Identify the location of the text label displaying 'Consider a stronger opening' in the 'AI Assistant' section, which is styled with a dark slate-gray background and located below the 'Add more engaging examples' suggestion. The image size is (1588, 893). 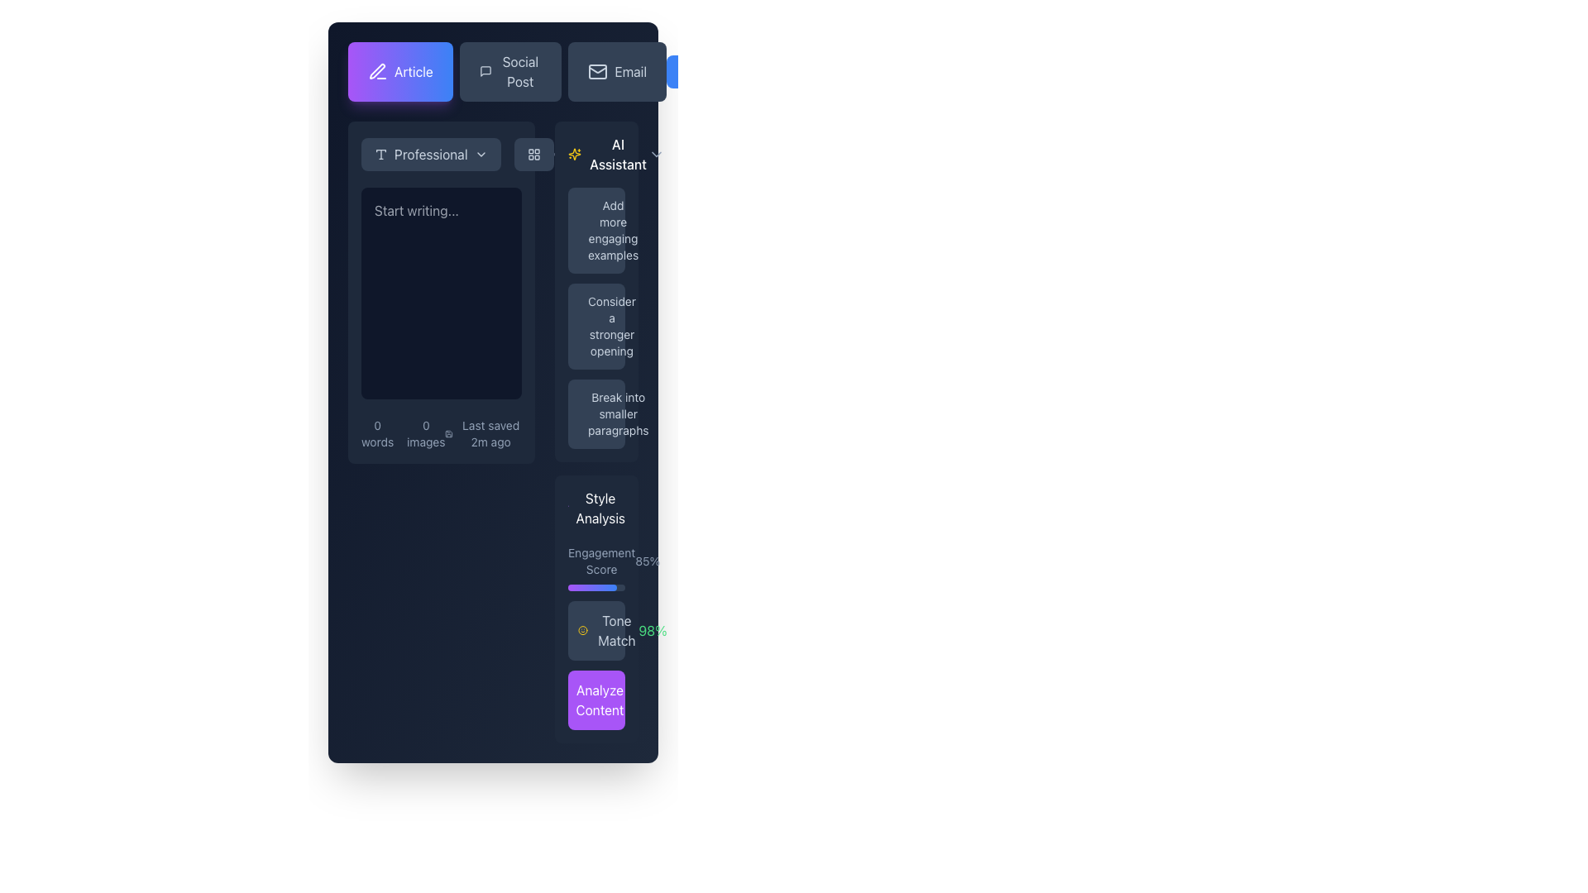
(610, 326).